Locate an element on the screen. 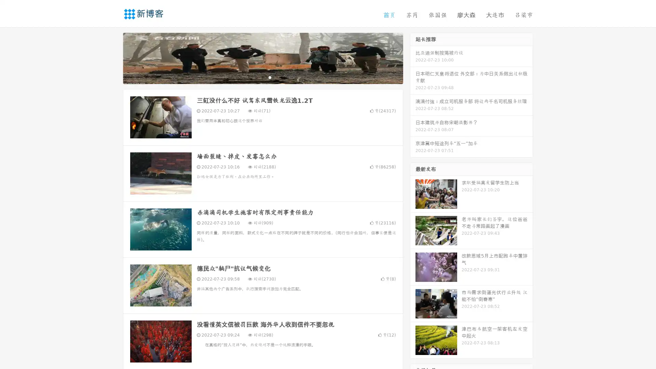 The image size is (656, 369). Next slide is located at coordinates (413, 57).